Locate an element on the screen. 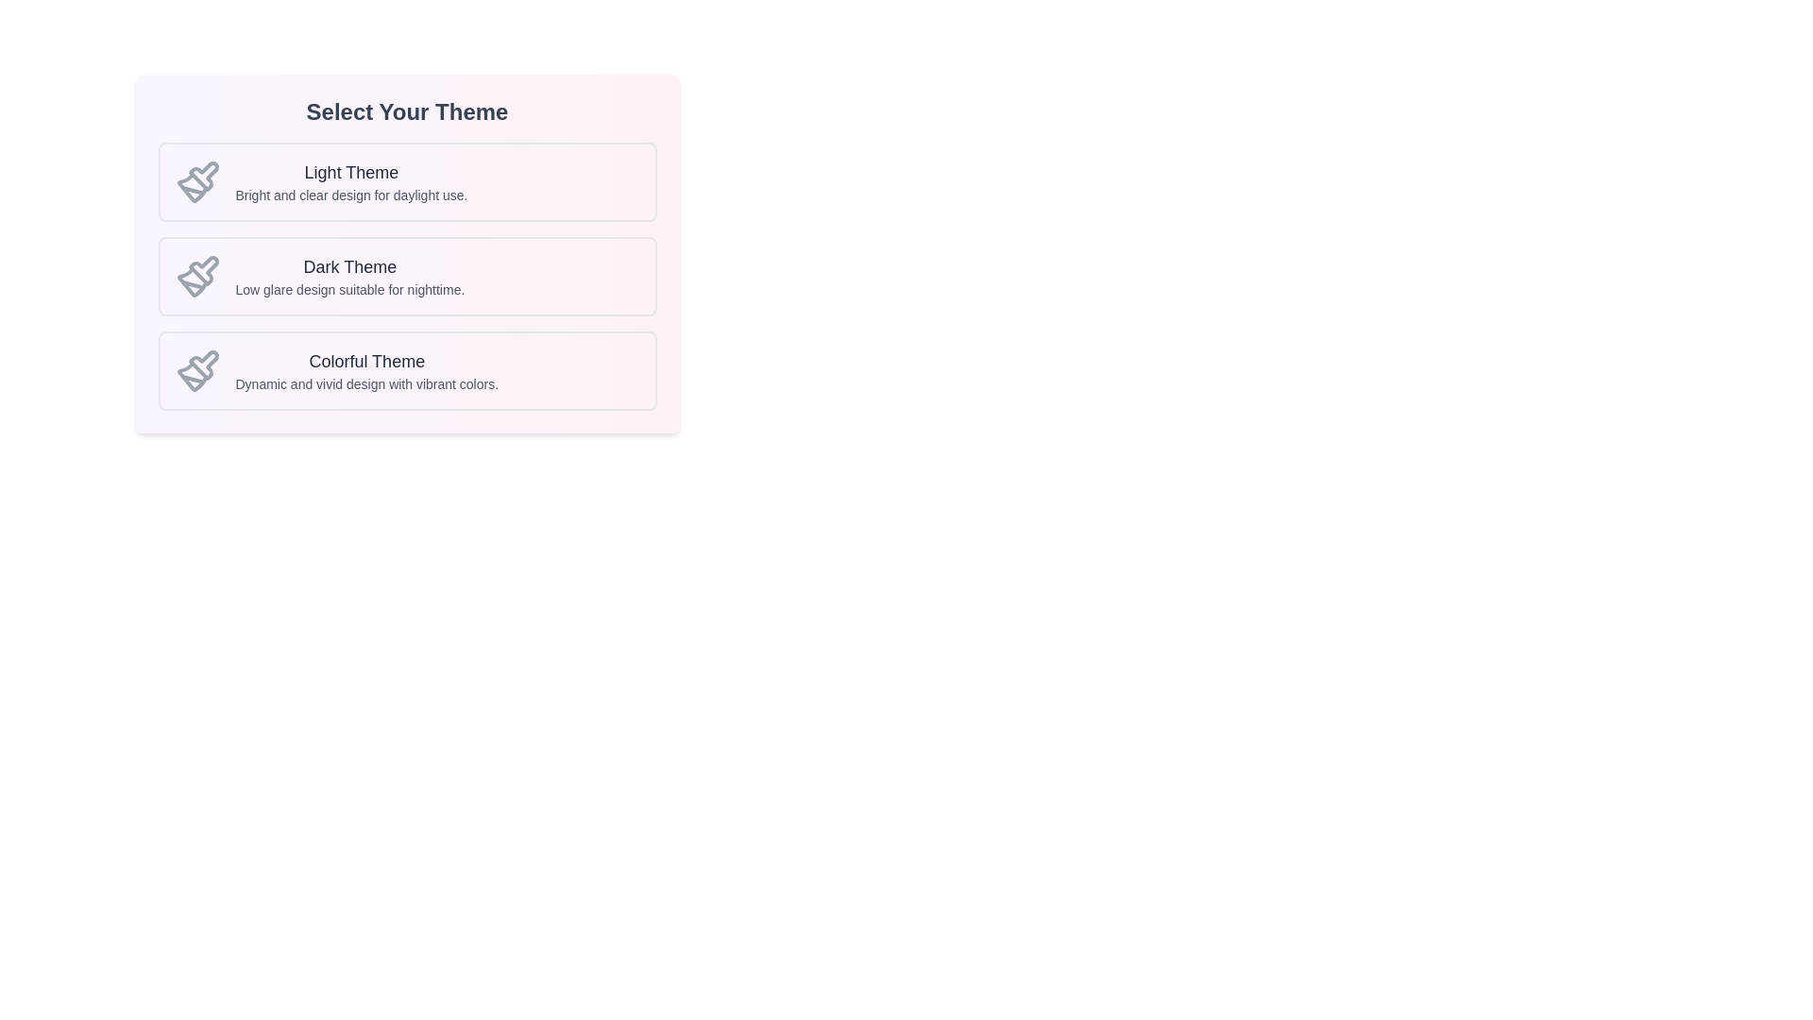 The width and height of the screenshot is (1813, 1020). the 'Dark Theme' icon, which is visually represented to the left of the text 'Dark Theme' and is centrally placed in the second box of three vertically arranged options is located at coordinates (197, 277).